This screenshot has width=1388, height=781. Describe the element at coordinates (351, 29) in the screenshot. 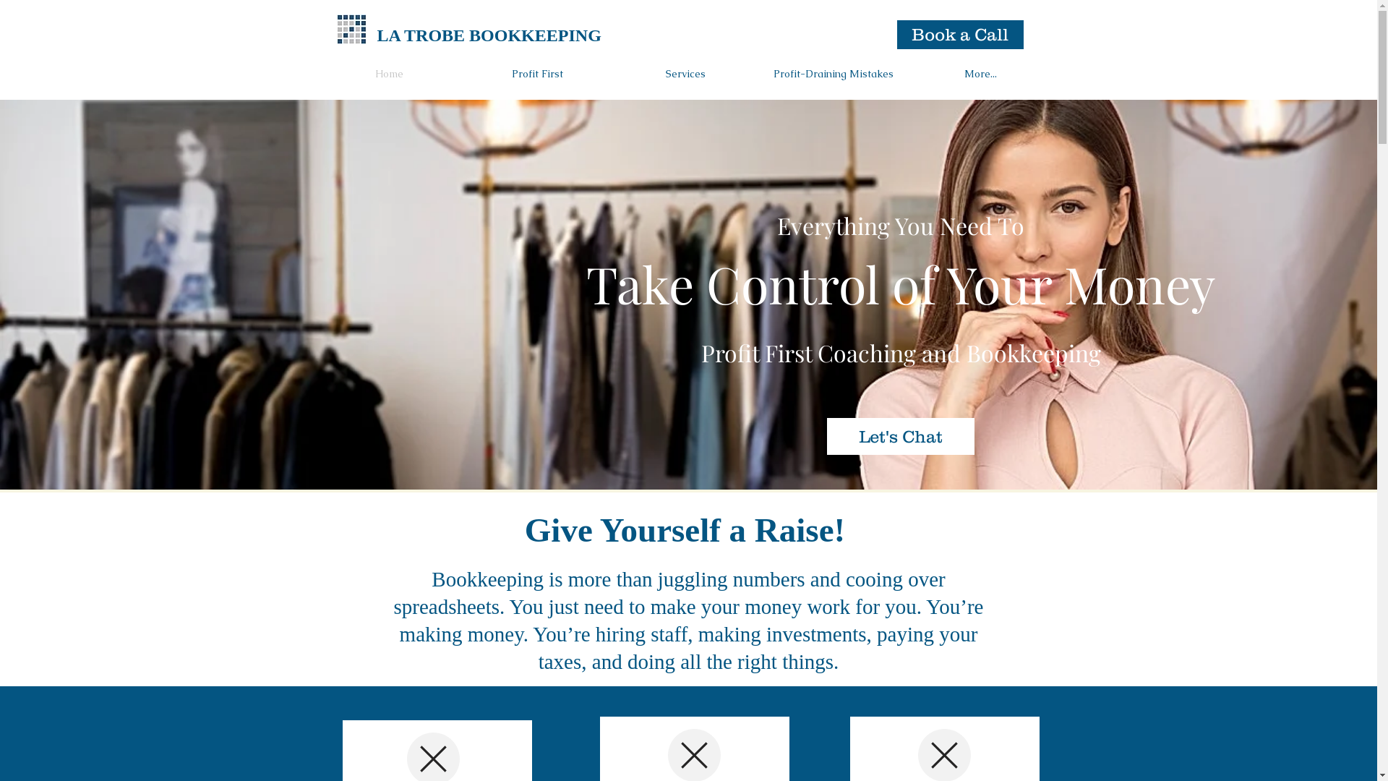

I see `'Bookkeeping Perth'` at that location.